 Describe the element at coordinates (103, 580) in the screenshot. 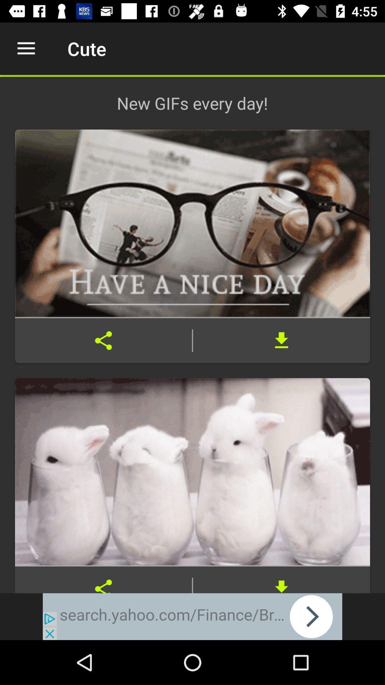

I see `to share` at that location.